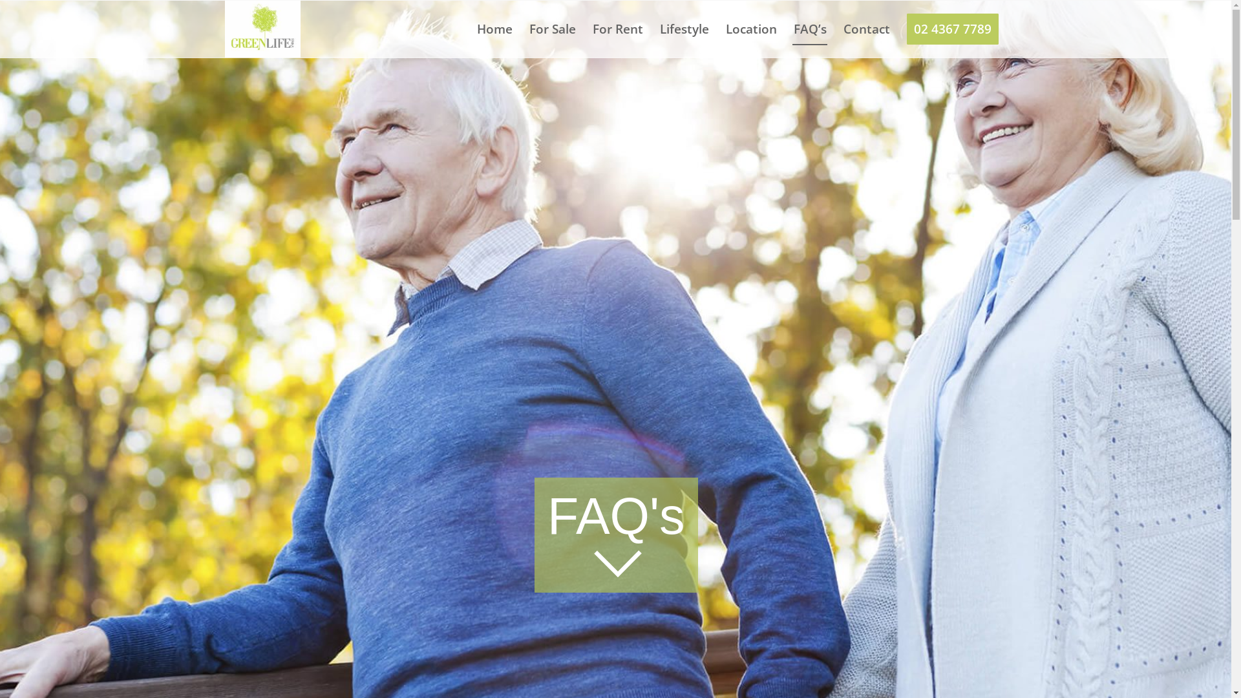  I want to click on 'Lifestyle', so click(684, 29).